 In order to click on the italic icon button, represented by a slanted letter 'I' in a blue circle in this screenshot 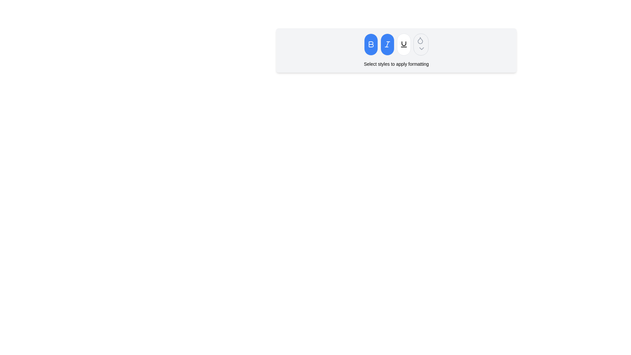, I will do `click(387, 44)`.